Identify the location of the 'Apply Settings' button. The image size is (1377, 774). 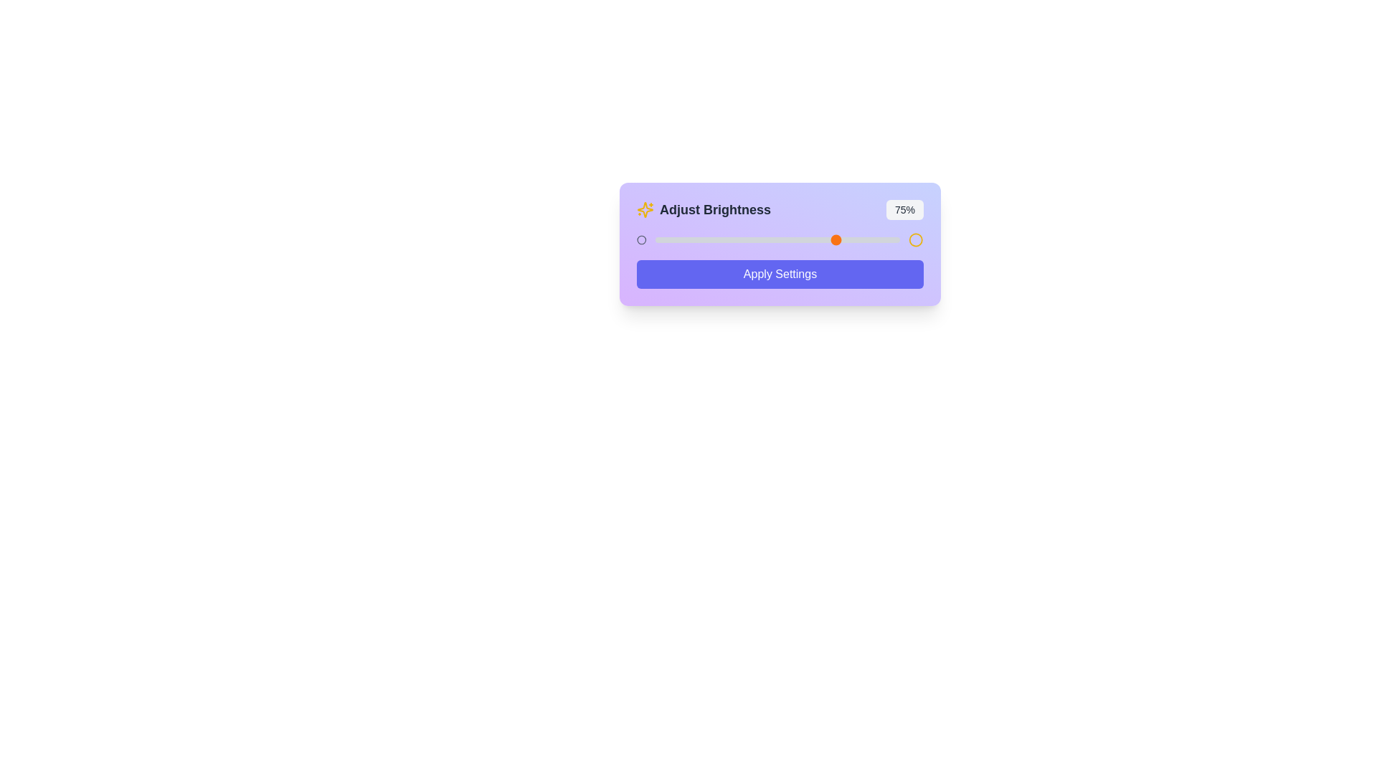
(780, 274).